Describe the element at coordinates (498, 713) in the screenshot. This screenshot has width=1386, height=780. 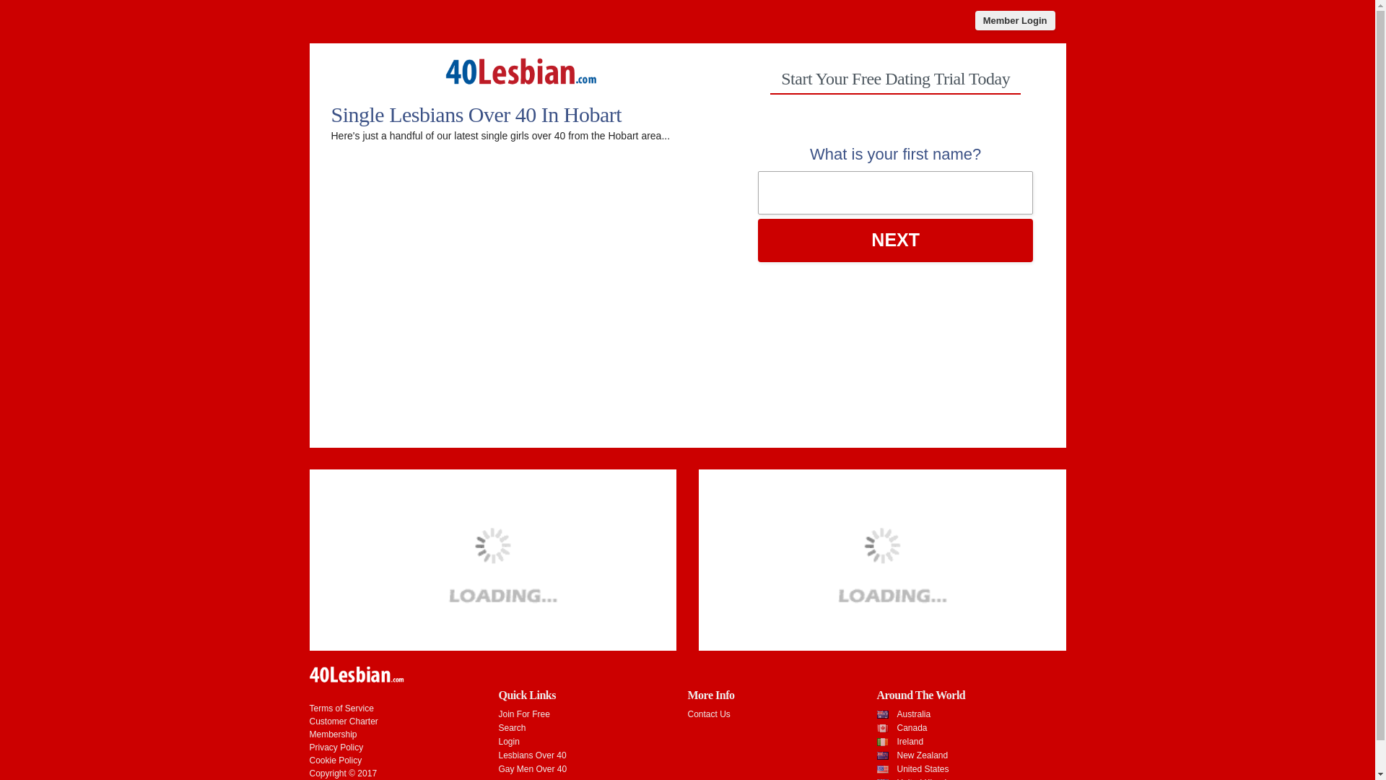
I see `'Join For Free'` at that location.